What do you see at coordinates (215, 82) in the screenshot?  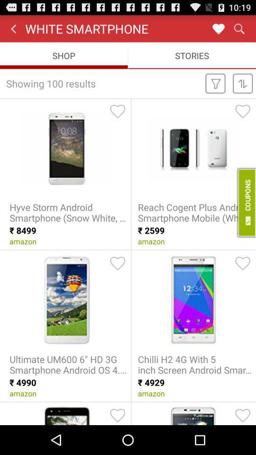 I see `the app next to the showing 100 results item` at bounding box center [215, 82].